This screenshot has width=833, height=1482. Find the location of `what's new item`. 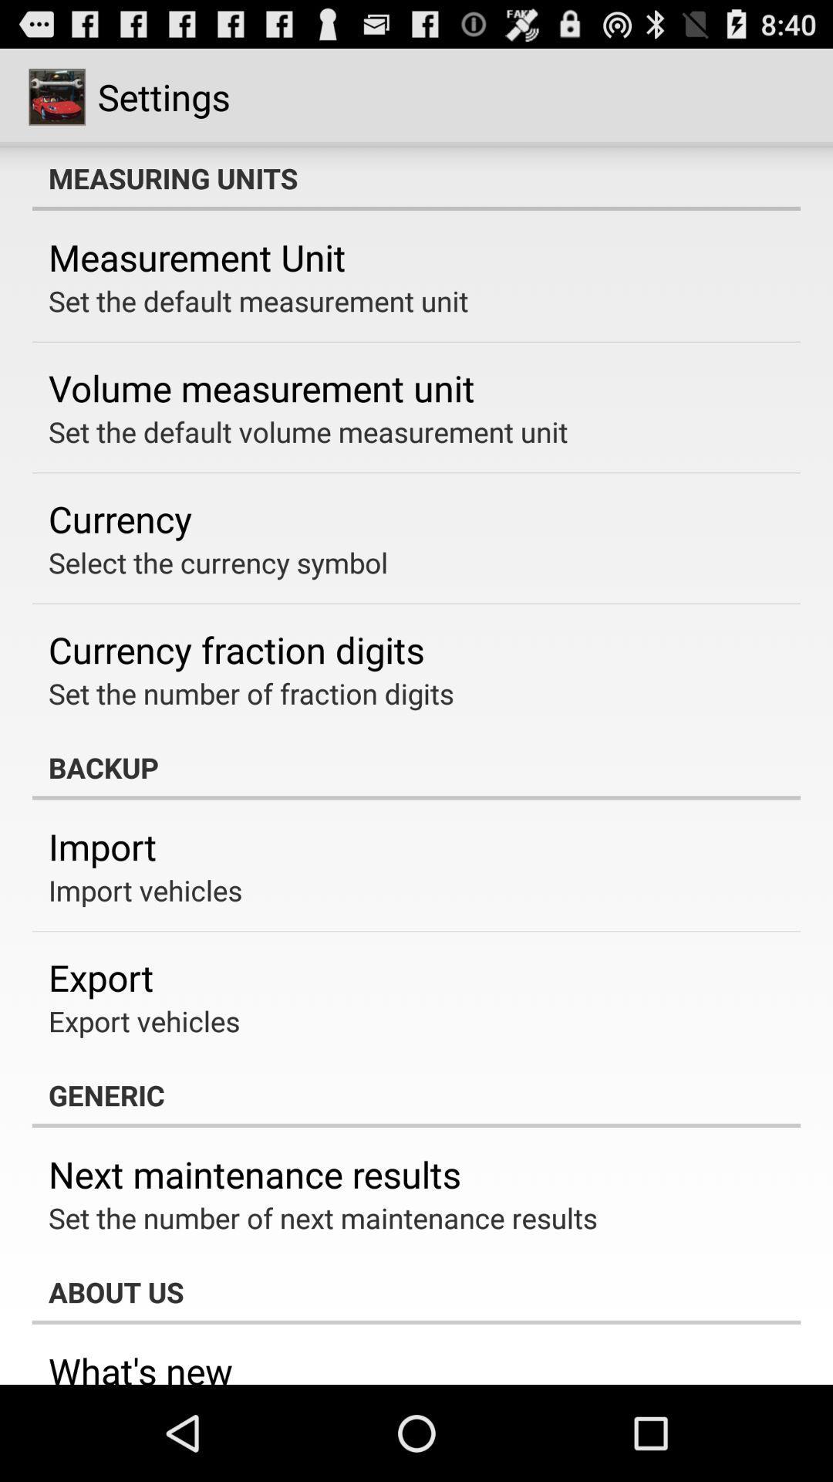

what's new item is located at coordinates (140, 1365).